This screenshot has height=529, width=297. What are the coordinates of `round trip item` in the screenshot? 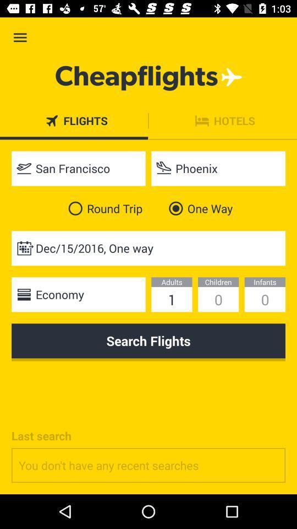 It's located at (103, 208).